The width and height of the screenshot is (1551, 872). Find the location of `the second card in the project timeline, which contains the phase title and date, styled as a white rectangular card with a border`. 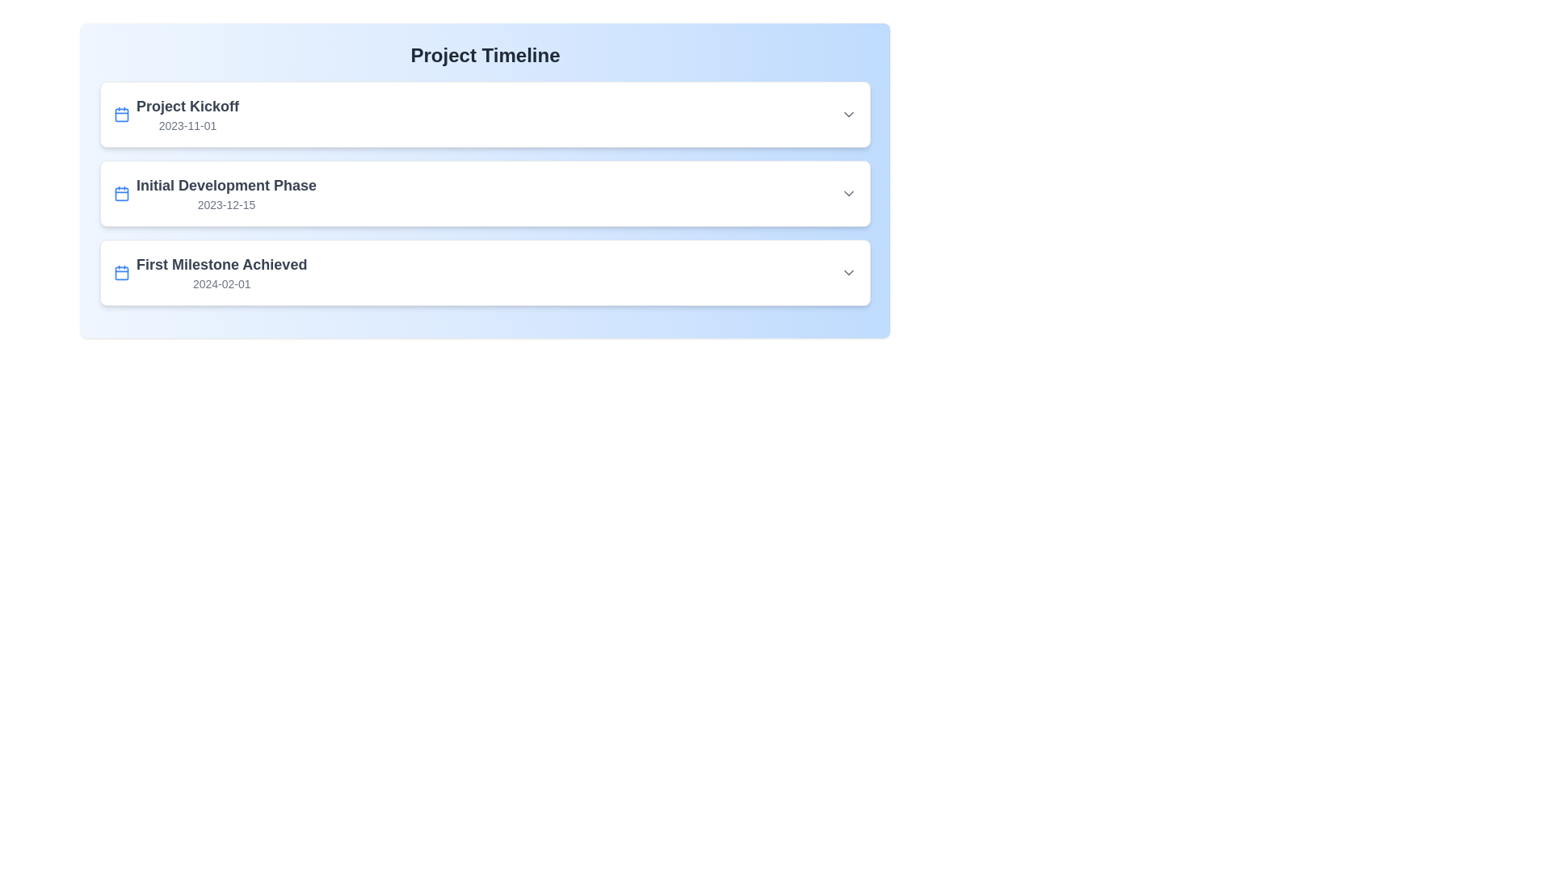

the second card in the project timeline, which contains the phase title and date, styled as a white rectangular card with a border is located at coordinates (484, 192).